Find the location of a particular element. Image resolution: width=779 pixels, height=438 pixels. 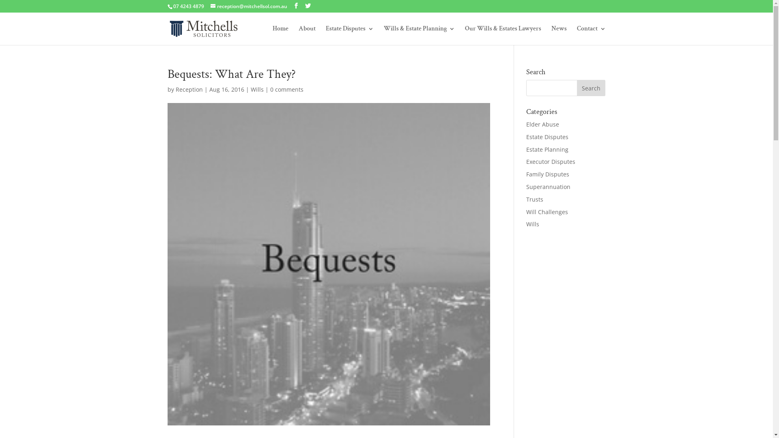

'Contact' is located at coordinates (591, 35).